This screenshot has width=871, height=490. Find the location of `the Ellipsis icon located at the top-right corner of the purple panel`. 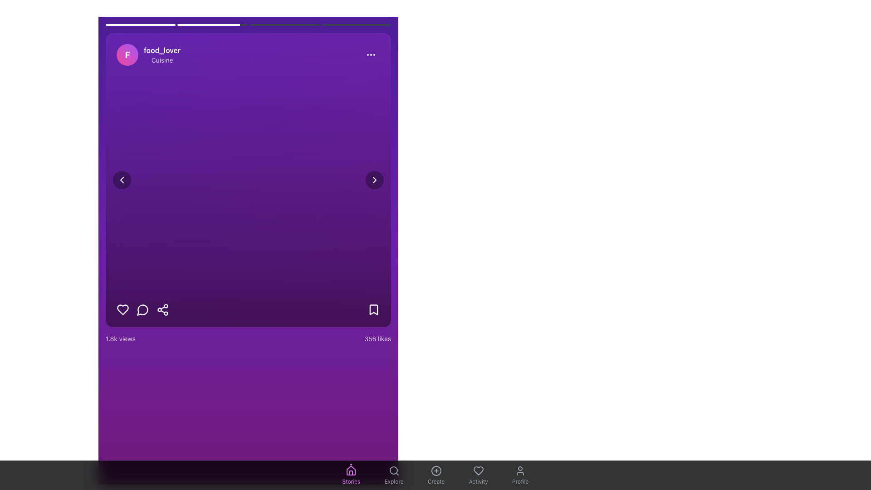

the Ellipsis icon located at the top-right corner of the purple panel is located at coordinates (371, 54).